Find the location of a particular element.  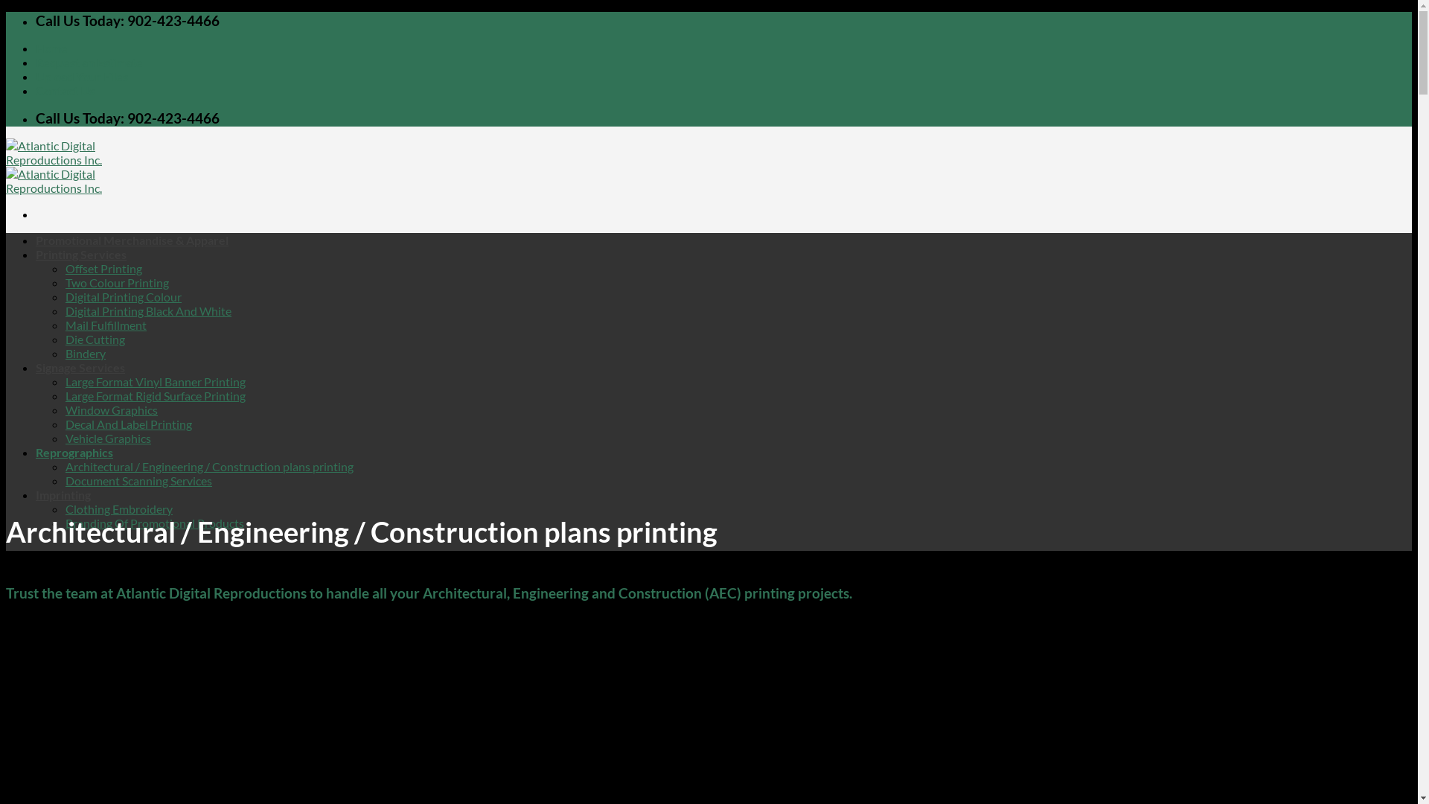

'Imprinting' is located at coordinates (63, 494).